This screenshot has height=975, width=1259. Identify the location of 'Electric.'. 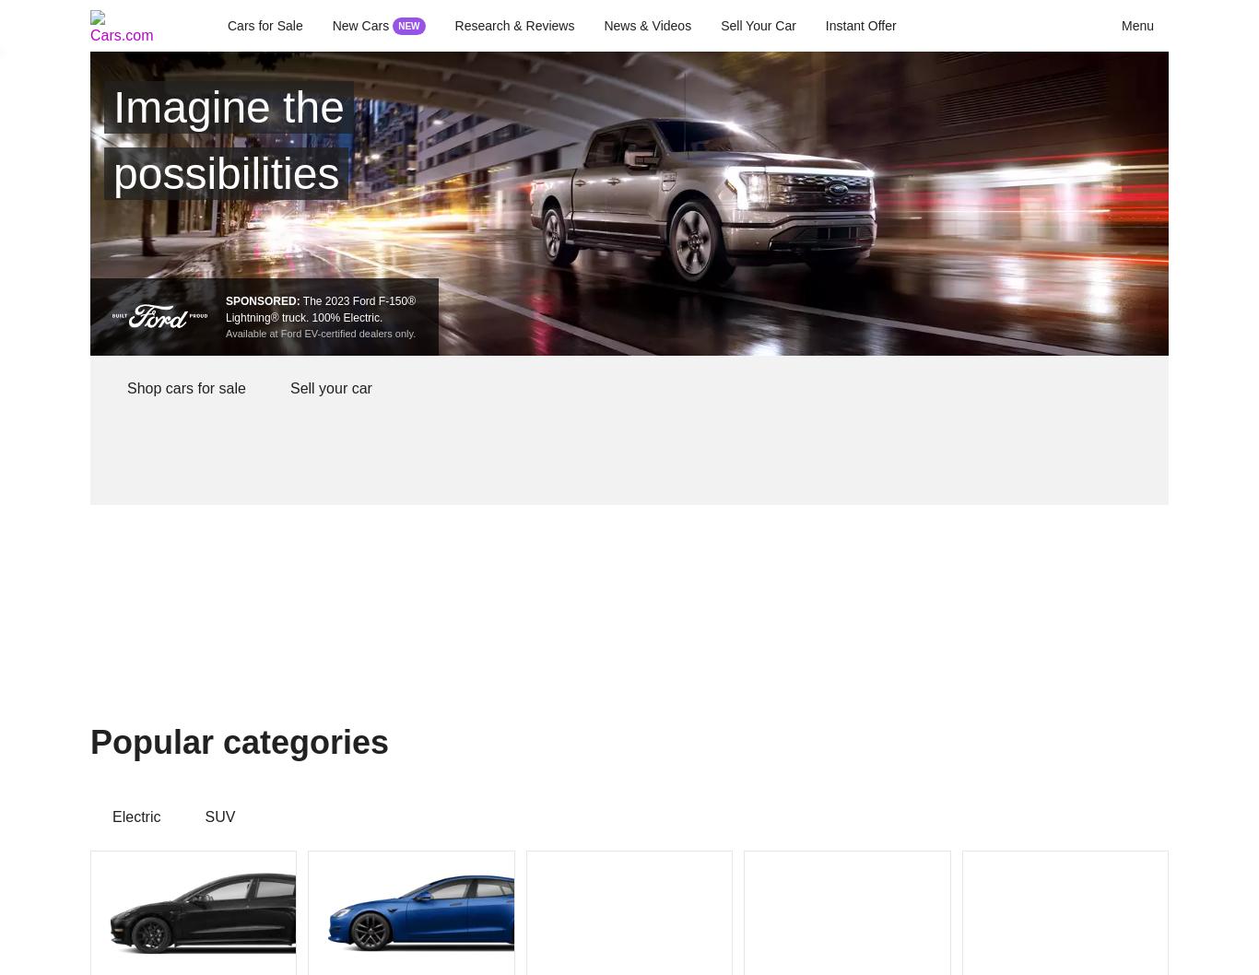
(361, 315).